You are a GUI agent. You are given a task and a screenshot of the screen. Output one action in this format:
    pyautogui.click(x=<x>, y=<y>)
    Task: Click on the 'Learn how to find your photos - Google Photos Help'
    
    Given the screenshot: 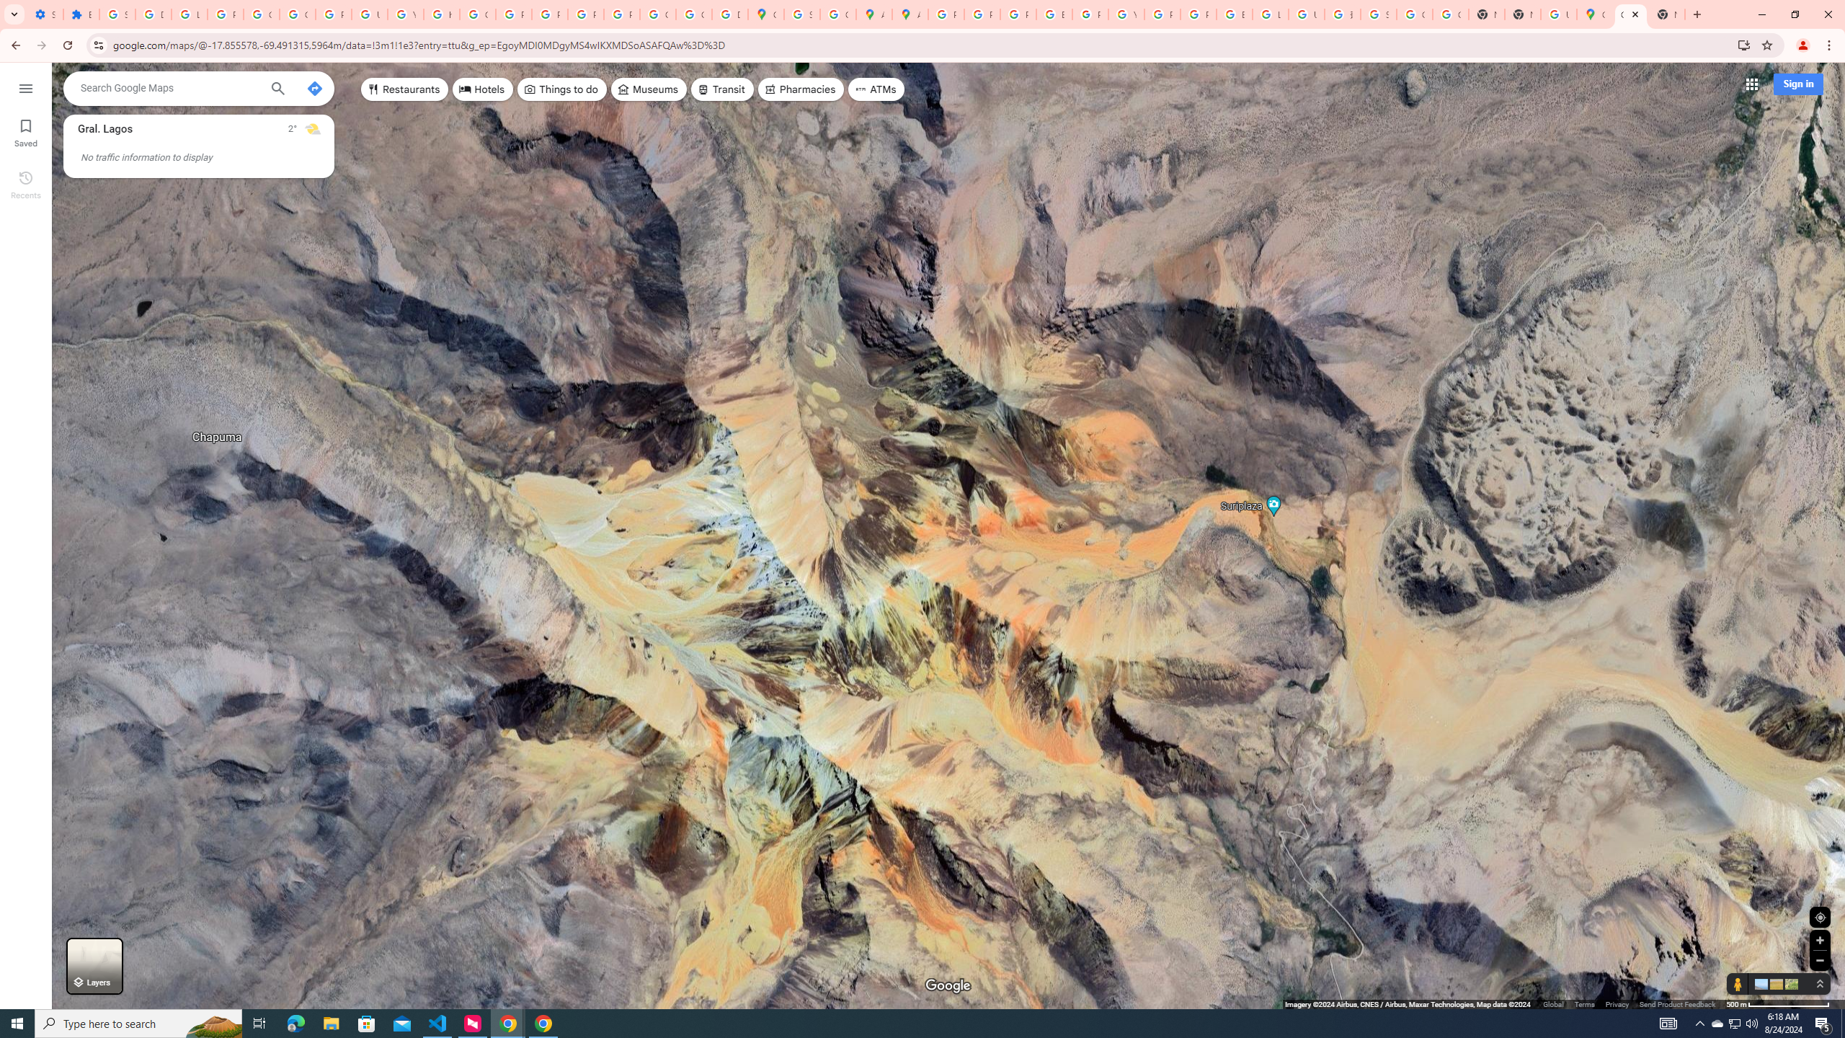 What is the action you would take?
    pyautogui.click(x=188, y=14)
    